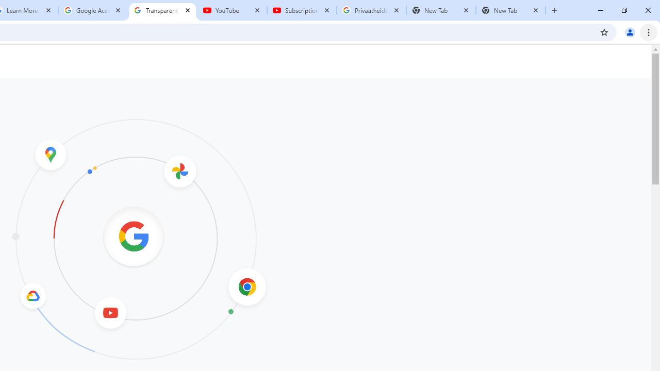  Describe the element at coordinates (301, 10) in the screenshot. I see `'Subscriptions - YouTube'` at that location.